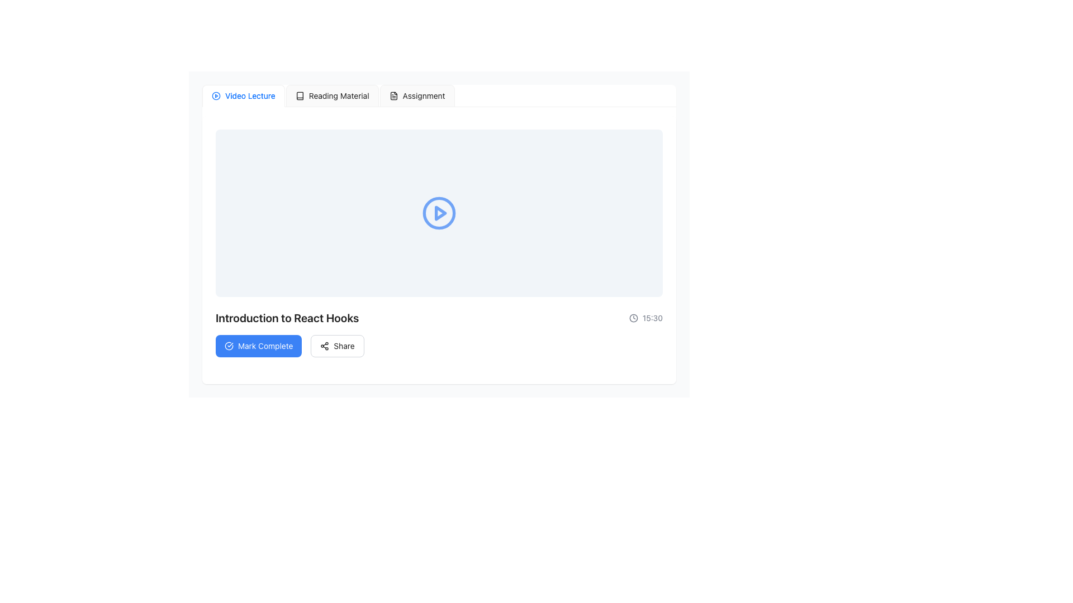  What do you see at coordinates (633, 318) in the screenshot?
I see `the clock icon located in the bottom-right corner of the interface, adjacent to the text '15:30' and slightly right of the 'Introduction to React Hooks' header, to gain additional context` at bounding box center [633, 318].